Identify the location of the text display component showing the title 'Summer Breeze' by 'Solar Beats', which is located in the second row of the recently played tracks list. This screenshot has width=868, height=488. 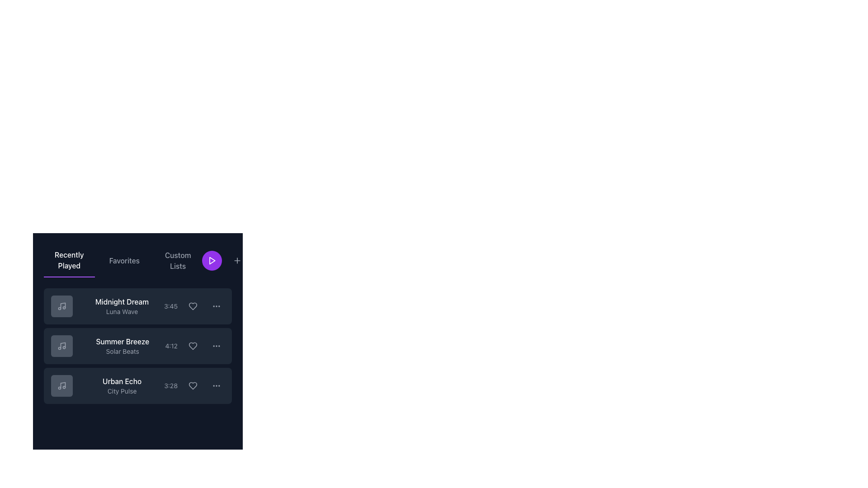
(122, 346).